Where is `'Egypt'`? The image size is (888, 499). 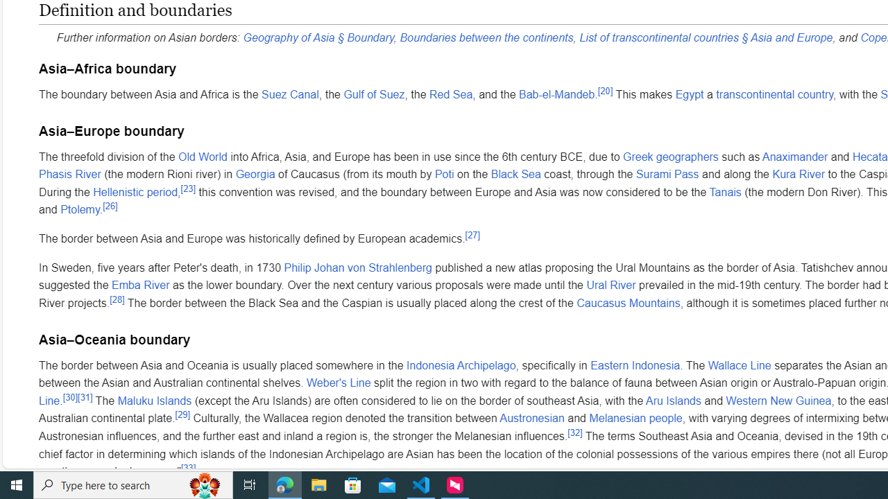
'Egypt' is located at coordinates (689, 94).